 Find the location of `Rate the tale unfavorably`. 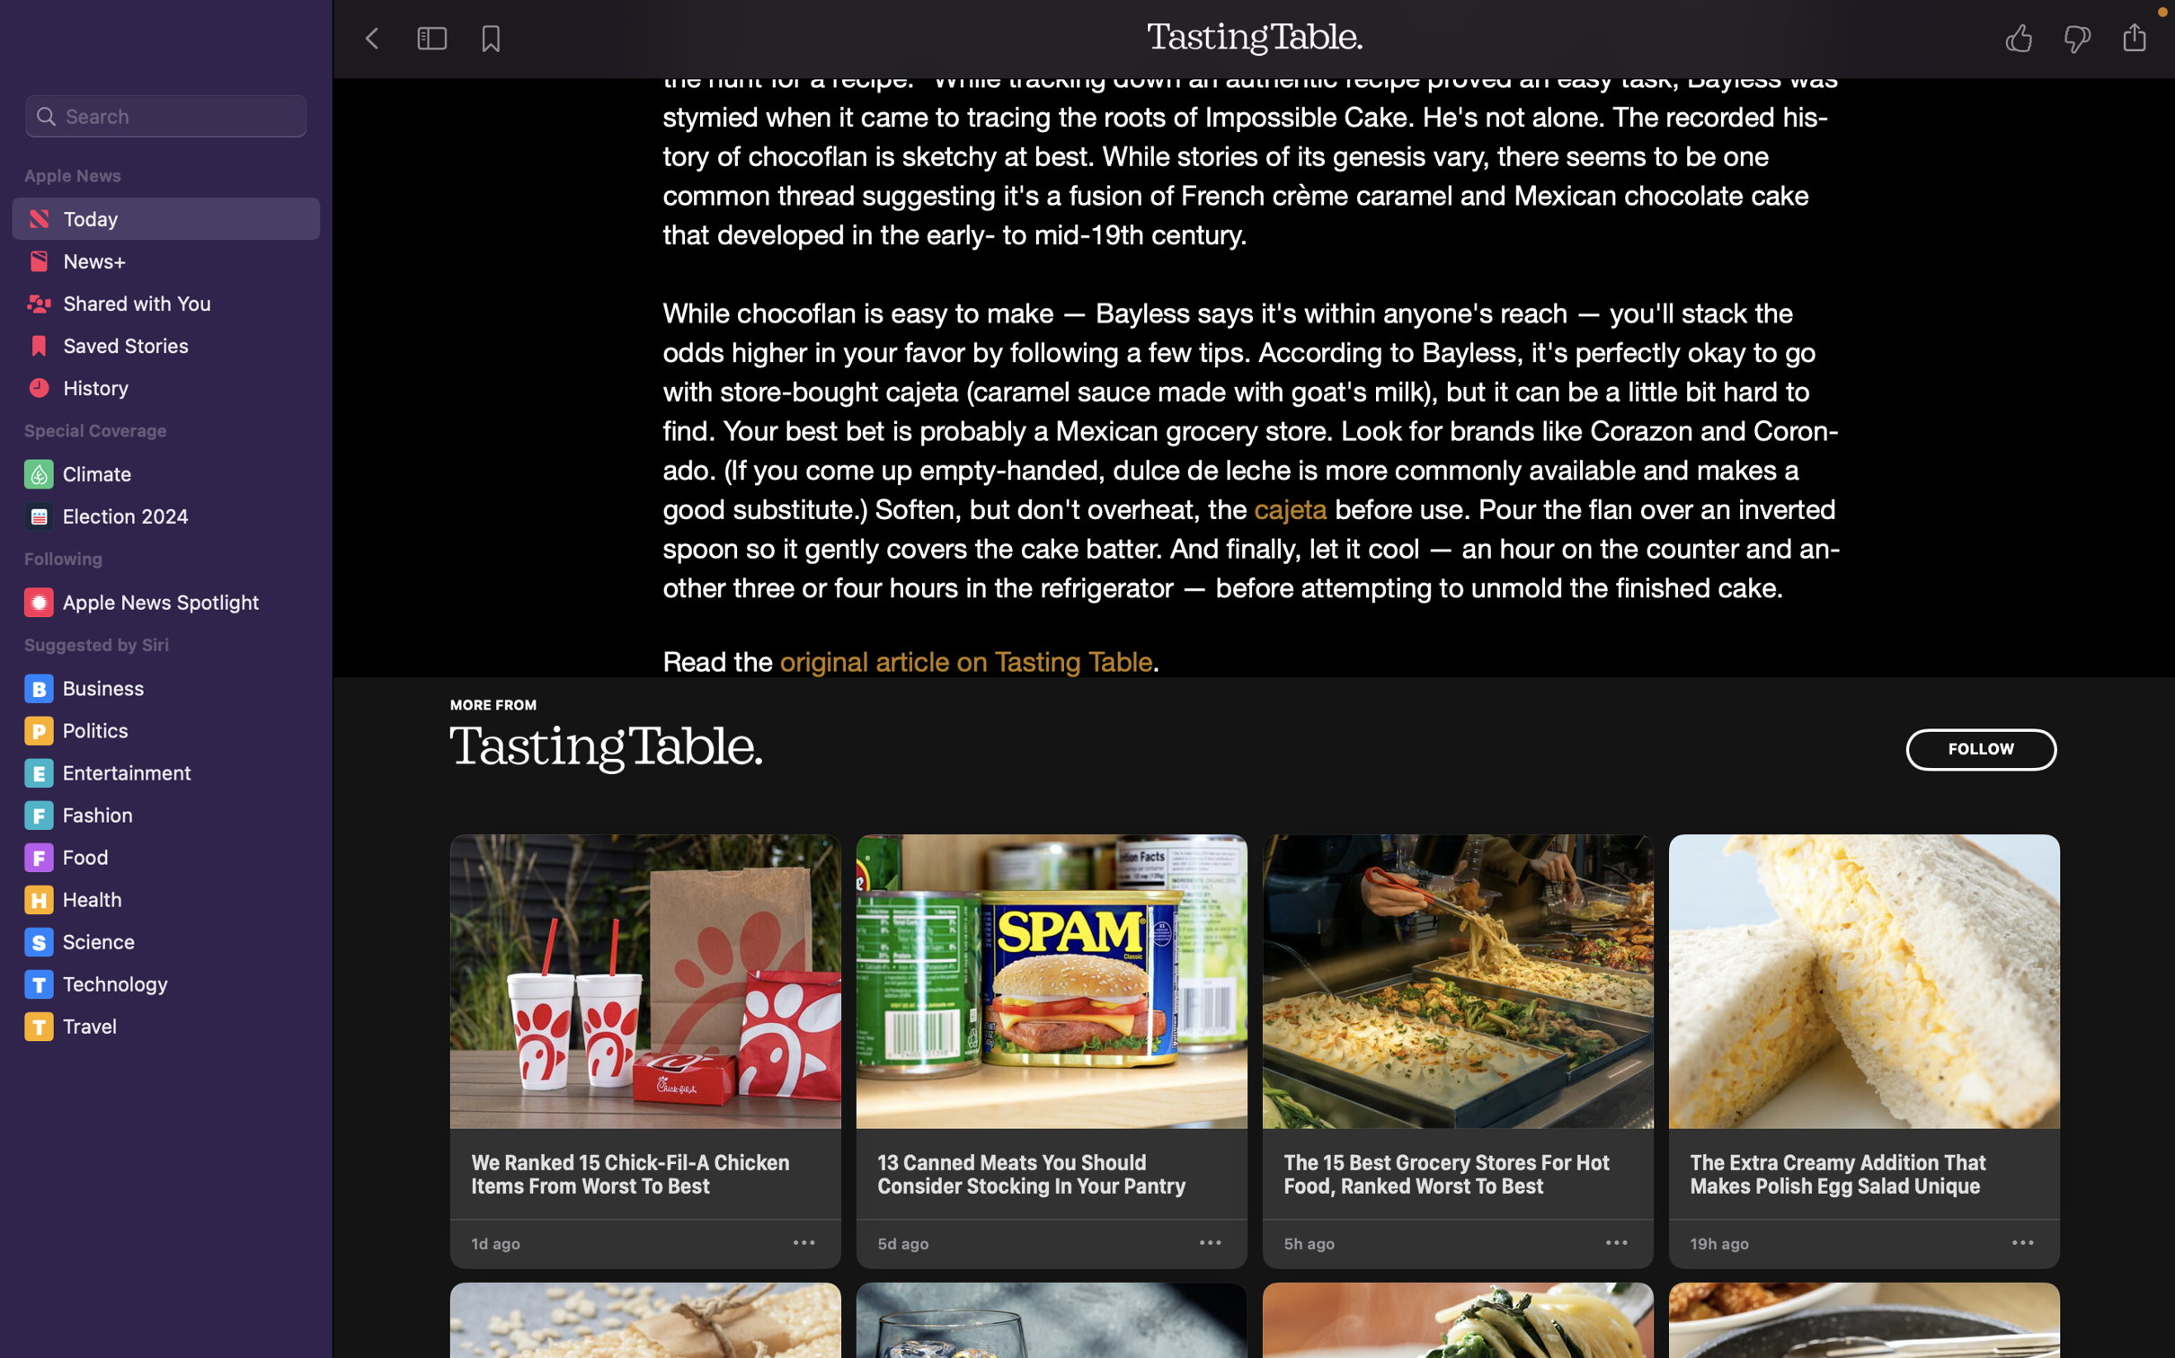

Rate the tale unfavorably is located at coordinates (2082, 40).